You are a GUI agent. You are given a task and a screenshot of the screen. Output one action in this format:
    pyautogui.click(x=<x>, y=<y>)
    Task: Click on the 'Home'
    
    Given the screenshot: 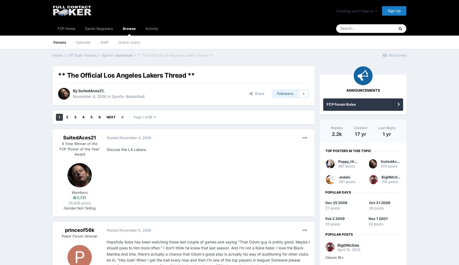 What is the action you would take?
    pyautogui.click(x=58, y=55)
    